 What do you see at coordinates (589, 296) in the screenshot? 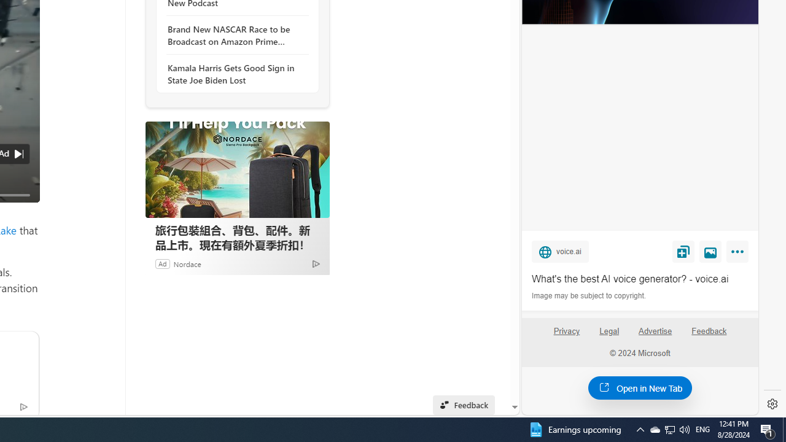
I see `'Image may be subject to copyright.'` at bounding box center [589, 296].